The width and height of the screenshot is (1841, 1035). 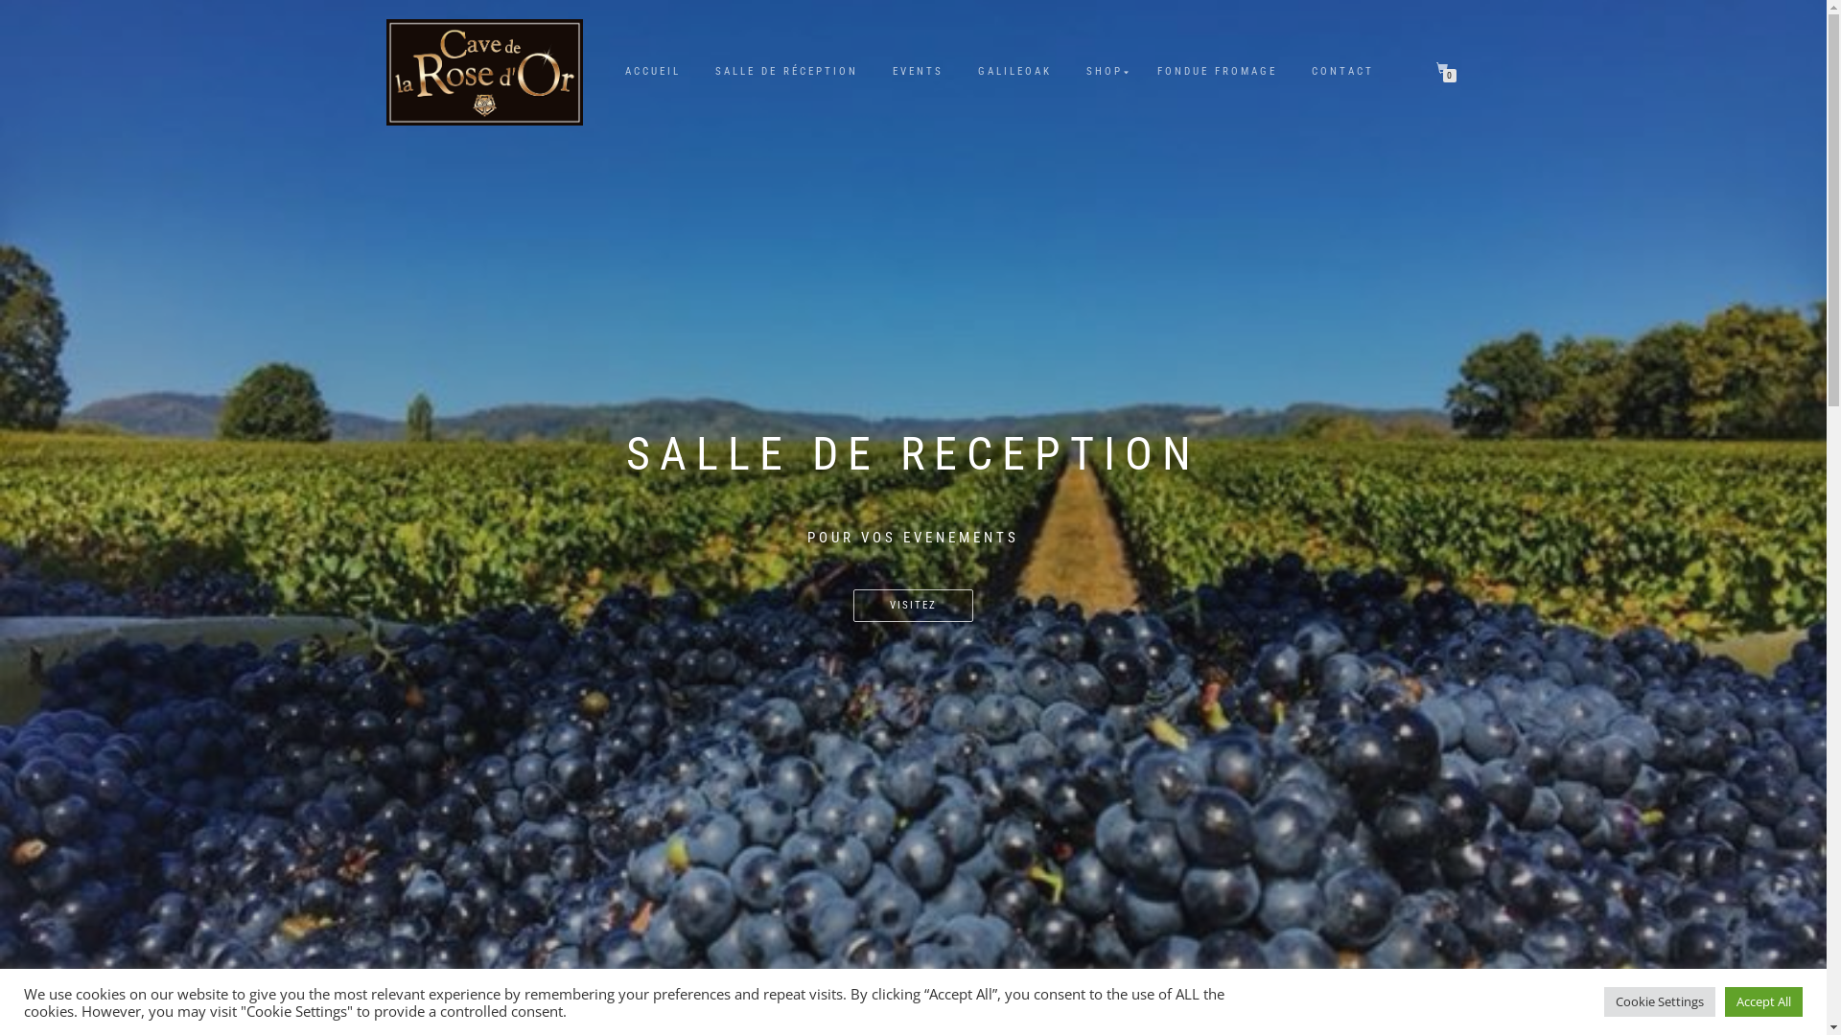 I want to click on 'EVENTS', so click(x=877, y=70).